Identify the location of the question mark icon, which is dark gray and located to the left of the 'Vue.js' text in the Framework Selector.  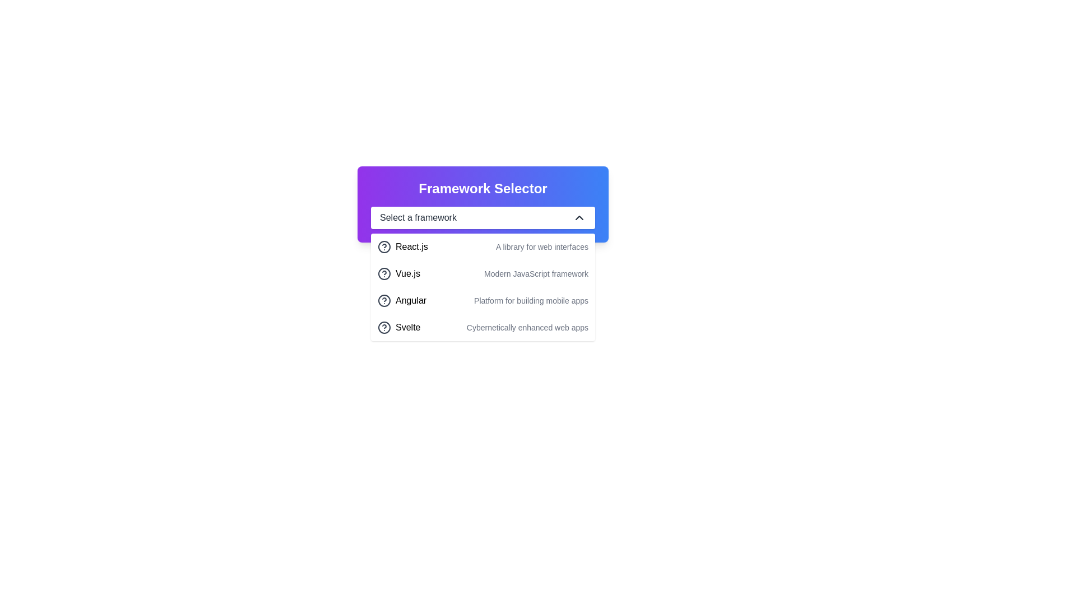
(384, 274).